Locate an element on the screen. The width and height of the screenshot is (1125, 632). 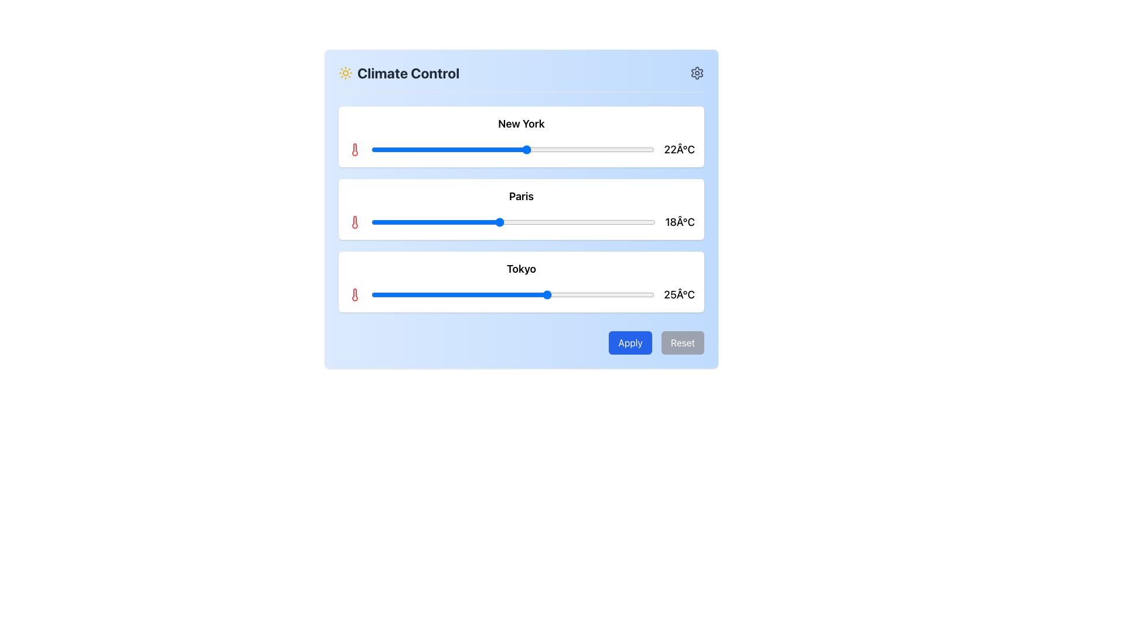
displayed temperature setting from the Interactive temperature range card for the city 'Paris', which is the second card in a vertical alignment of climate control sections is located at coordinates (520, 209).